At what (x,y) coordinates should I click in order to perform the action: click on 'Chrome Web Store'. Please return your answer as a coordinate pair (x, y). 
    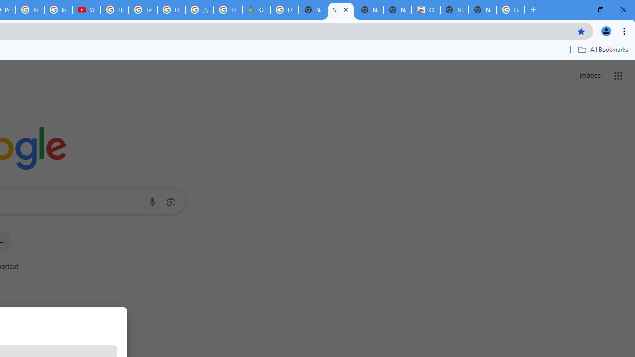
    Looking at the image, I should click on (426, 10).